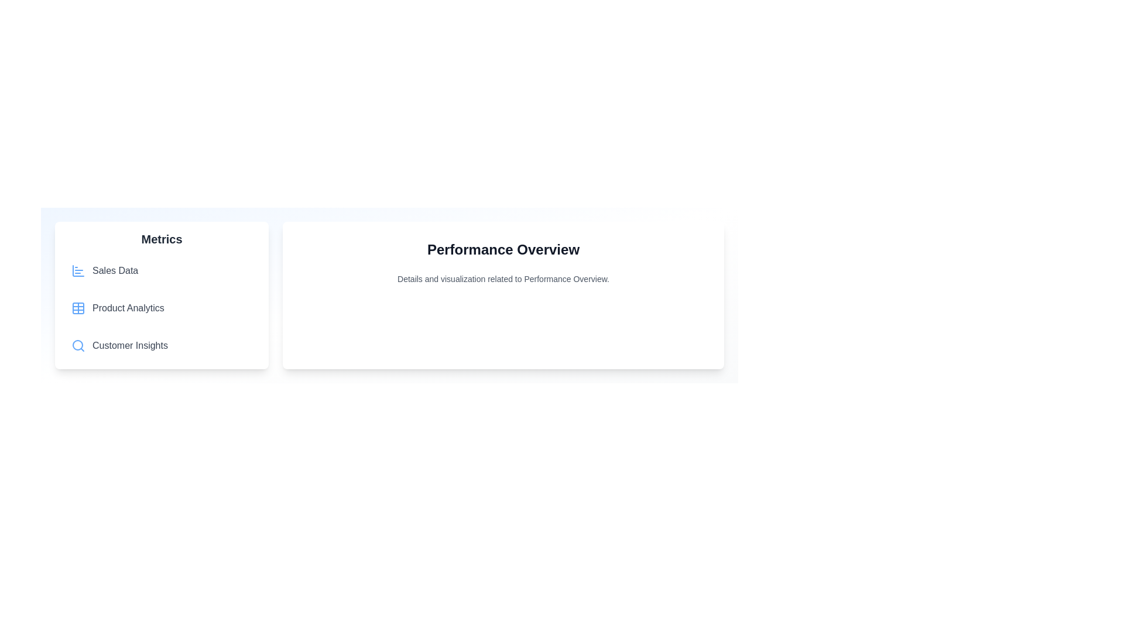 The height and width of the screenshot is (632, 1124). Describe the element at coordinates (78, 270) in the screenshot. I see `the light blue bar chart SVG icon located` at that location.